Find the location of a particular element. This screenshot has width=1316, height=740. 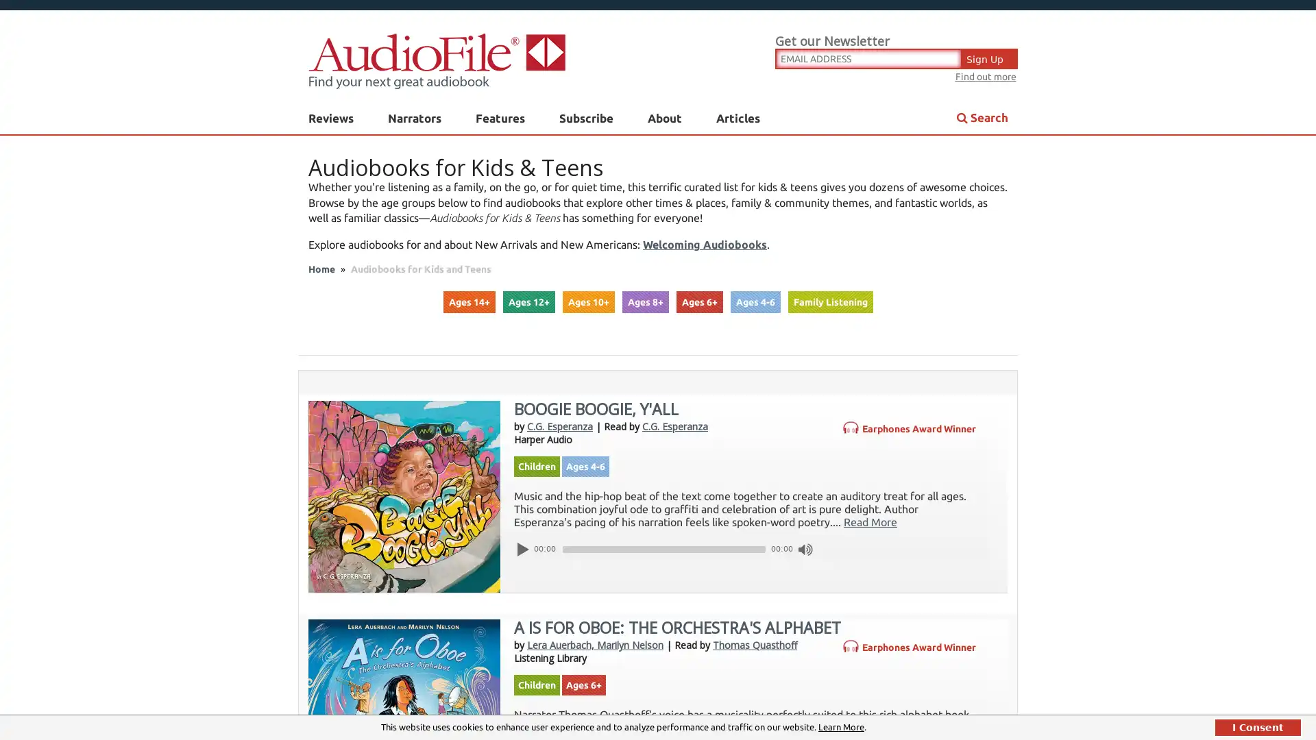

Play/Pause is located at coordinates (528, 549).